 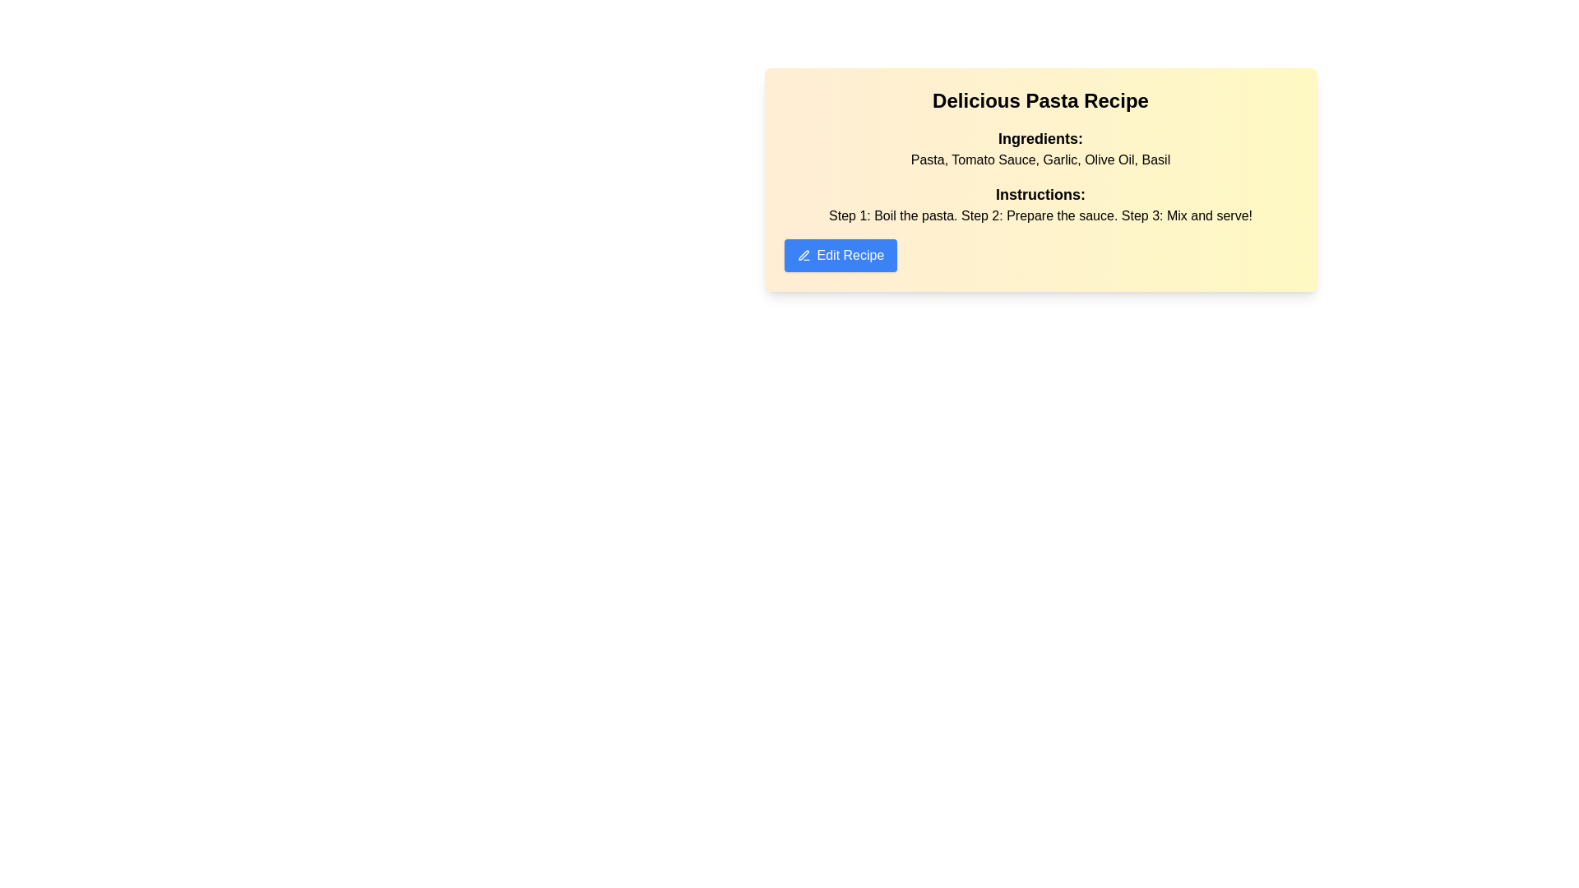 What do you see at coordinates (803, 256) in the screenshot?
I see `the pen icon used for editing within the 'Edit Recipe' button, located at the bottom-left corner of the recipe card` at bounding box center [803, 256].